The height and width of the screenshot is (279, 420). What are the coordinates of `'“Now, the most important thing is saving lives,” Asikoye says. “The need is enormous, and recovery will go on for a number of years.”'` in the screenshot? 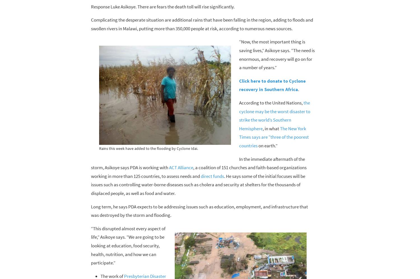 It's located at (276, 55).